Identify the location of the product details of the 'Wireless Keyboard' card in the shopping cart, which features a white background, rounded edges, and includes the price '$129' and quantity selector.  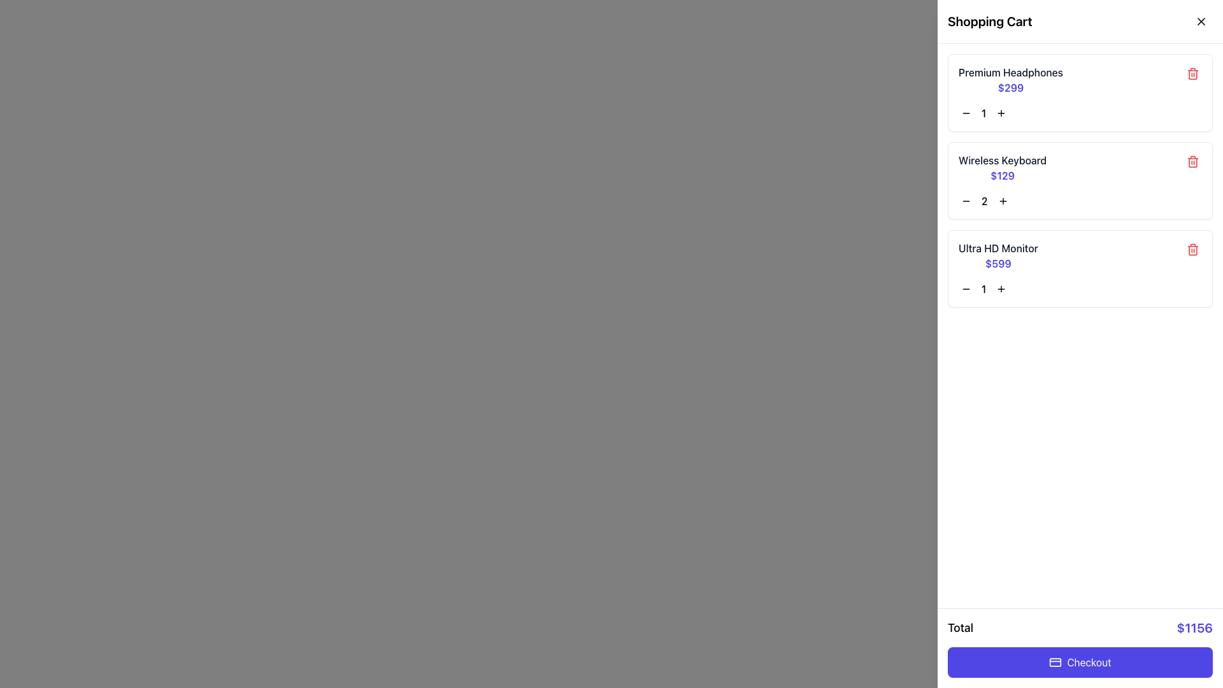
(1079, 181).